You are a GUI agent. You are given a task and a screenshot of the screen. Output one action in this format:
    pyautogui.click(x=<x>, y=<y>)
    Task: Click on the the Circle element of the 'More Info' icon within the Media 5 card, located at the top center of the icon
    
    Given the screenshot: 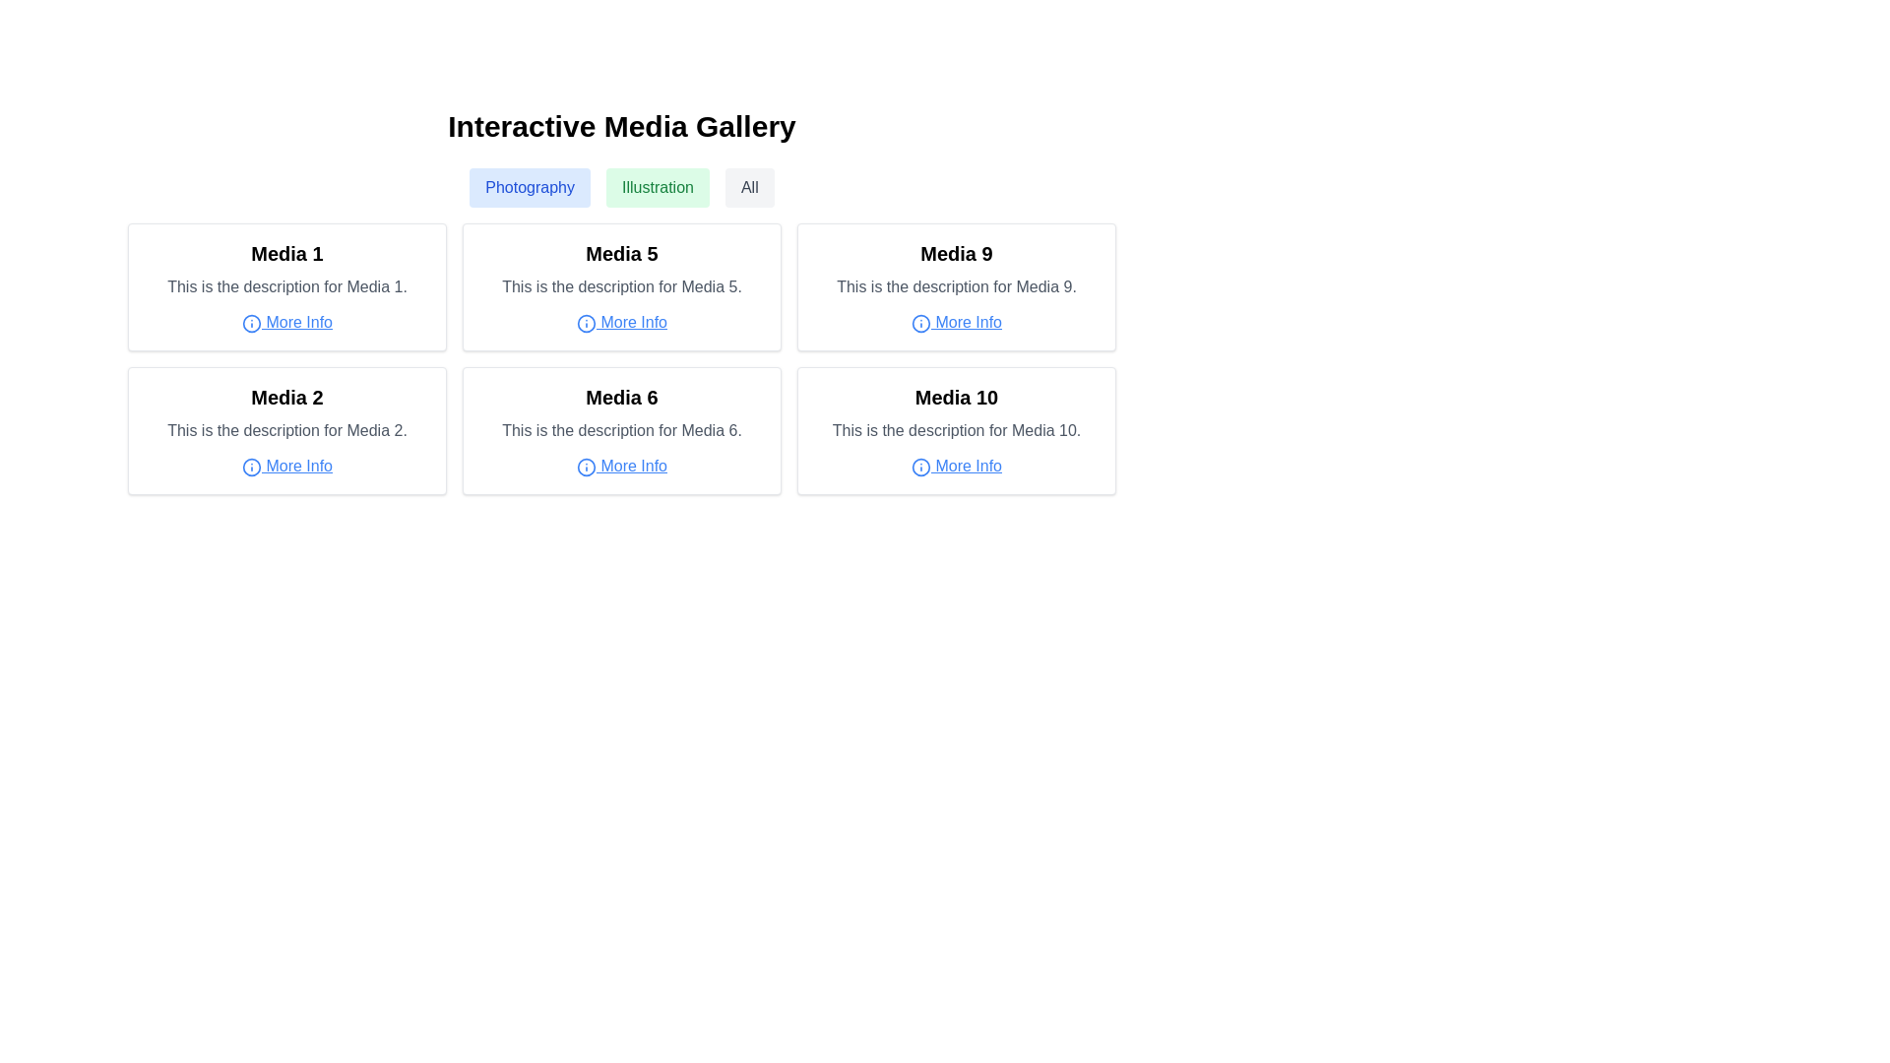 What is the action you would take?
    pyautogui.click(x=585, y=322)
    